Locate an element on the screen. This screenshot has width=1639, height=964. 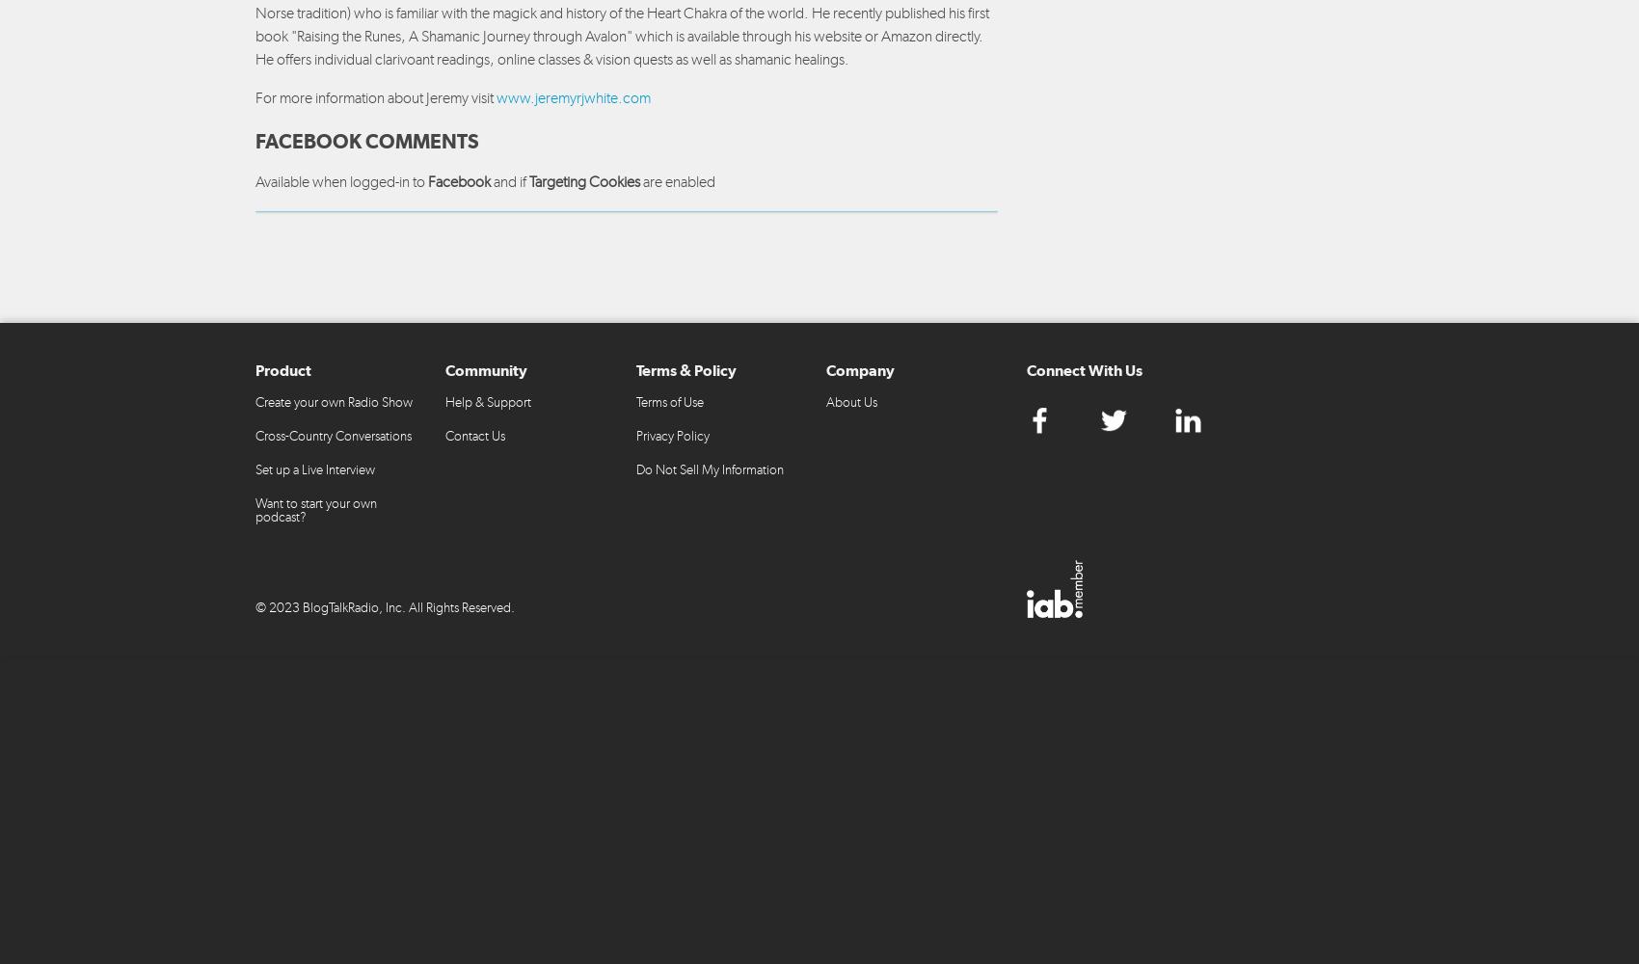
'Terms of Use' is located at coordinates (668, 401).